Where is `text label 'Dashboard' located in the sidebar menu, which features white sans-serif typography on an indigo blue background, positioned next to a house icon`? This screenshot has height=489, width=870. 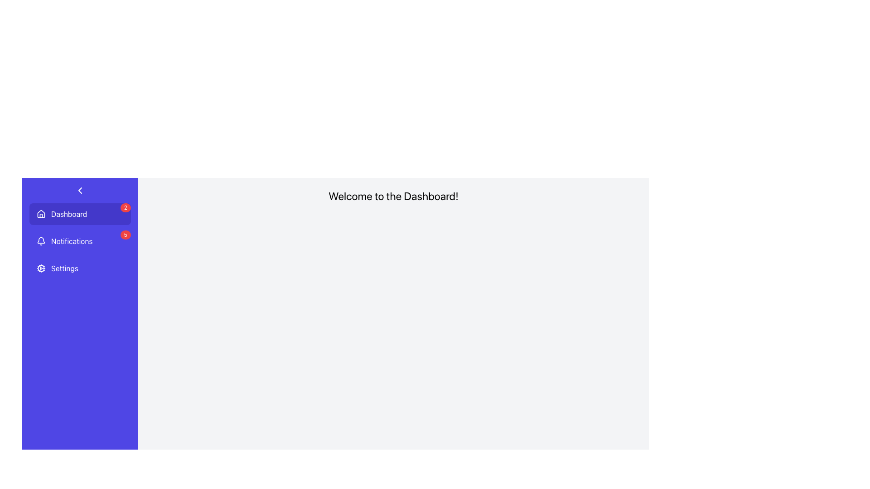
text label 'Dashboard' located in the sidebar menu, which features white sans-serif typography on an indigo blue background, positioned next to a house icon is located at coordinates (68, 214).